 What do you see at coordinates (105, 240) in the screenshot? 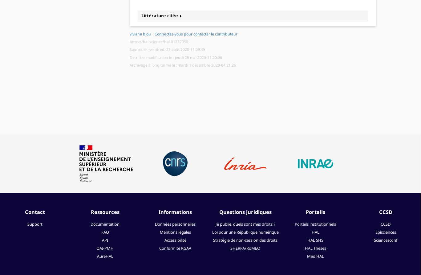
I see `'API'` at bounding box center [105, 240].